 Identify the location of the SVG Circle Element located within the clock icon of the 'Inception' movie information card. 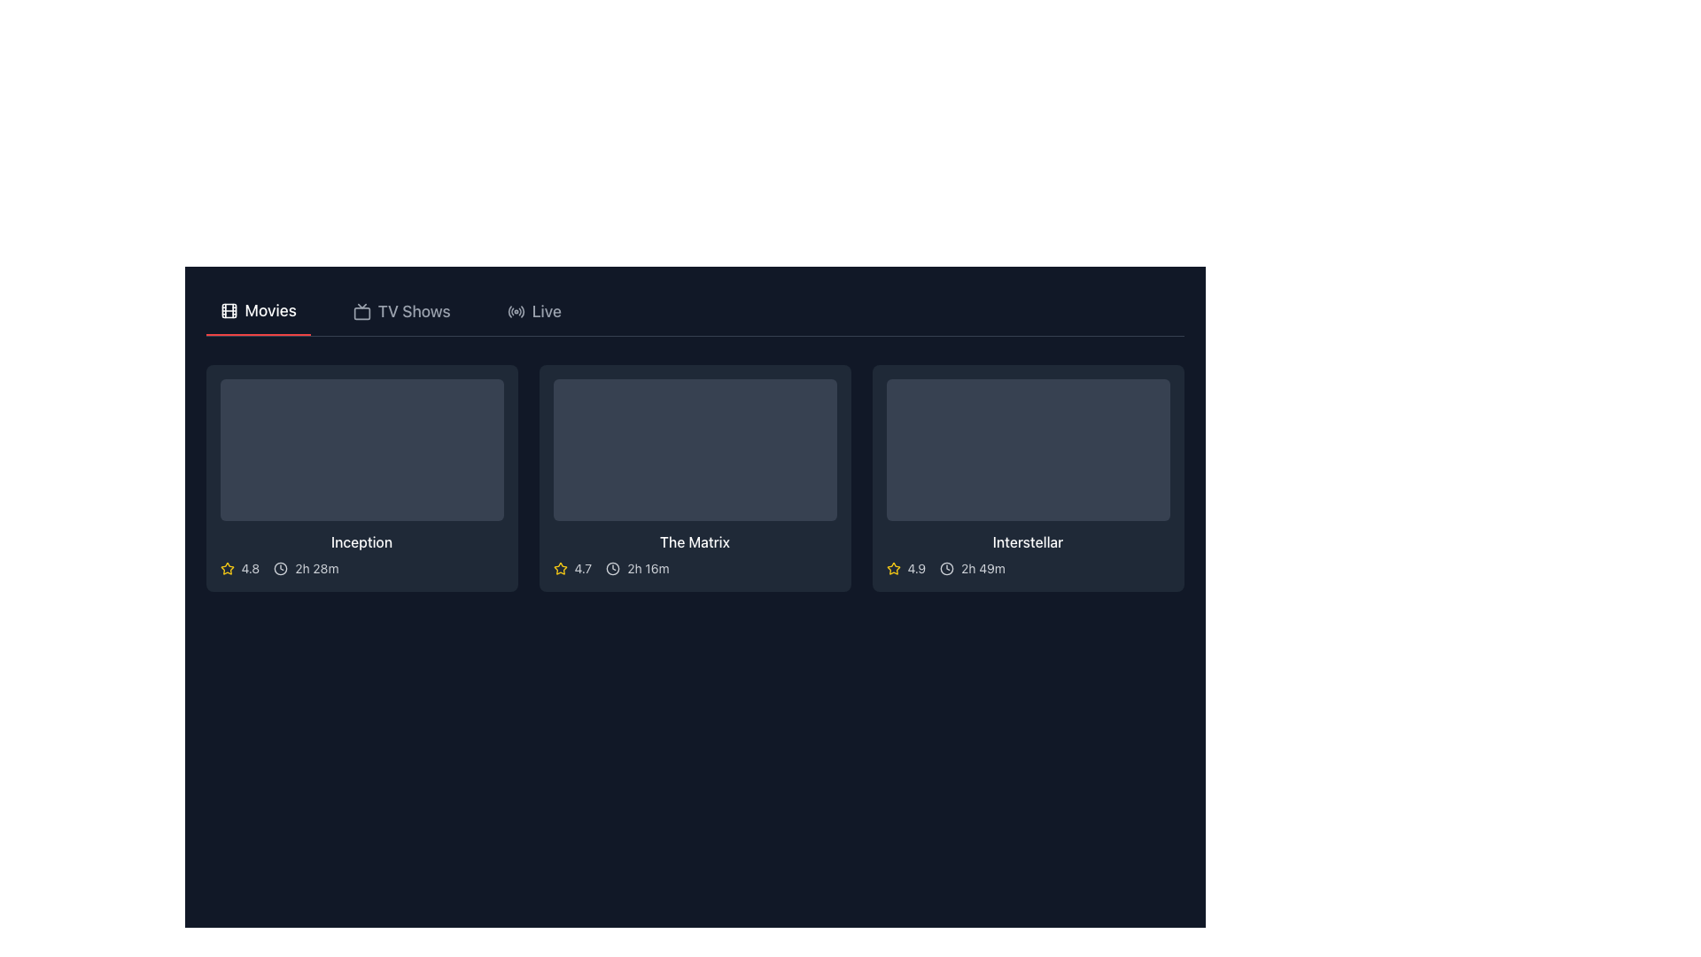
(280, 568).